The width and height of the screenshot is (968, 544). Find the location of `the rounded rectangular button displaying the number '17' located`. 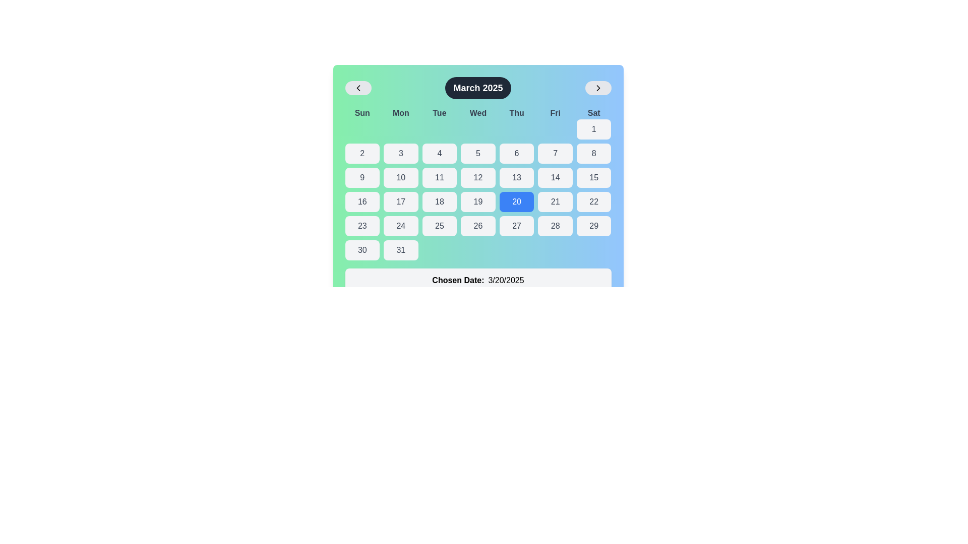

the rounded rectangular button displaying the number '17' located is located at coordinates (400, 202).